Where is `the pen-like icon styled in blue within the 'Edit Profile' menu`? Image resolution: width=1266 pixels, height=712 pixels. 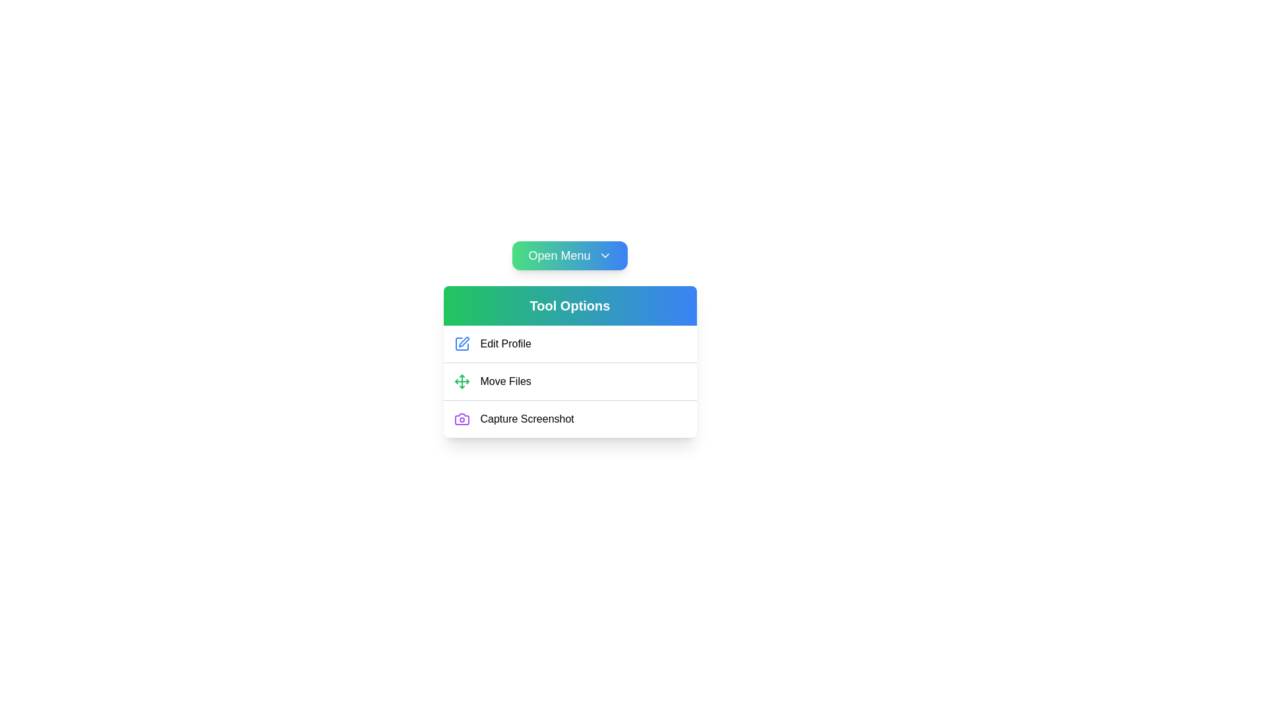 the pen-like icon styled in blue within the 'Edit Profile' menu is located at coordinates (464, 341).